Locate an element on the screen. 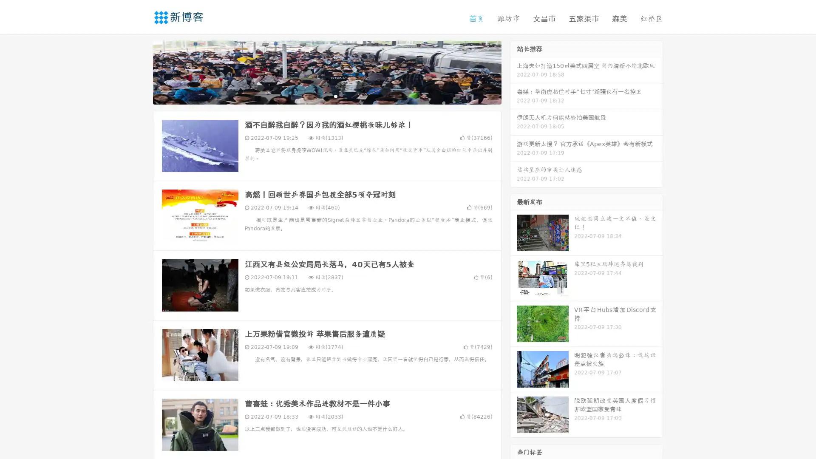 This screenshot has width=816, height=459. Previous slide is located at coordinates (140, 71).